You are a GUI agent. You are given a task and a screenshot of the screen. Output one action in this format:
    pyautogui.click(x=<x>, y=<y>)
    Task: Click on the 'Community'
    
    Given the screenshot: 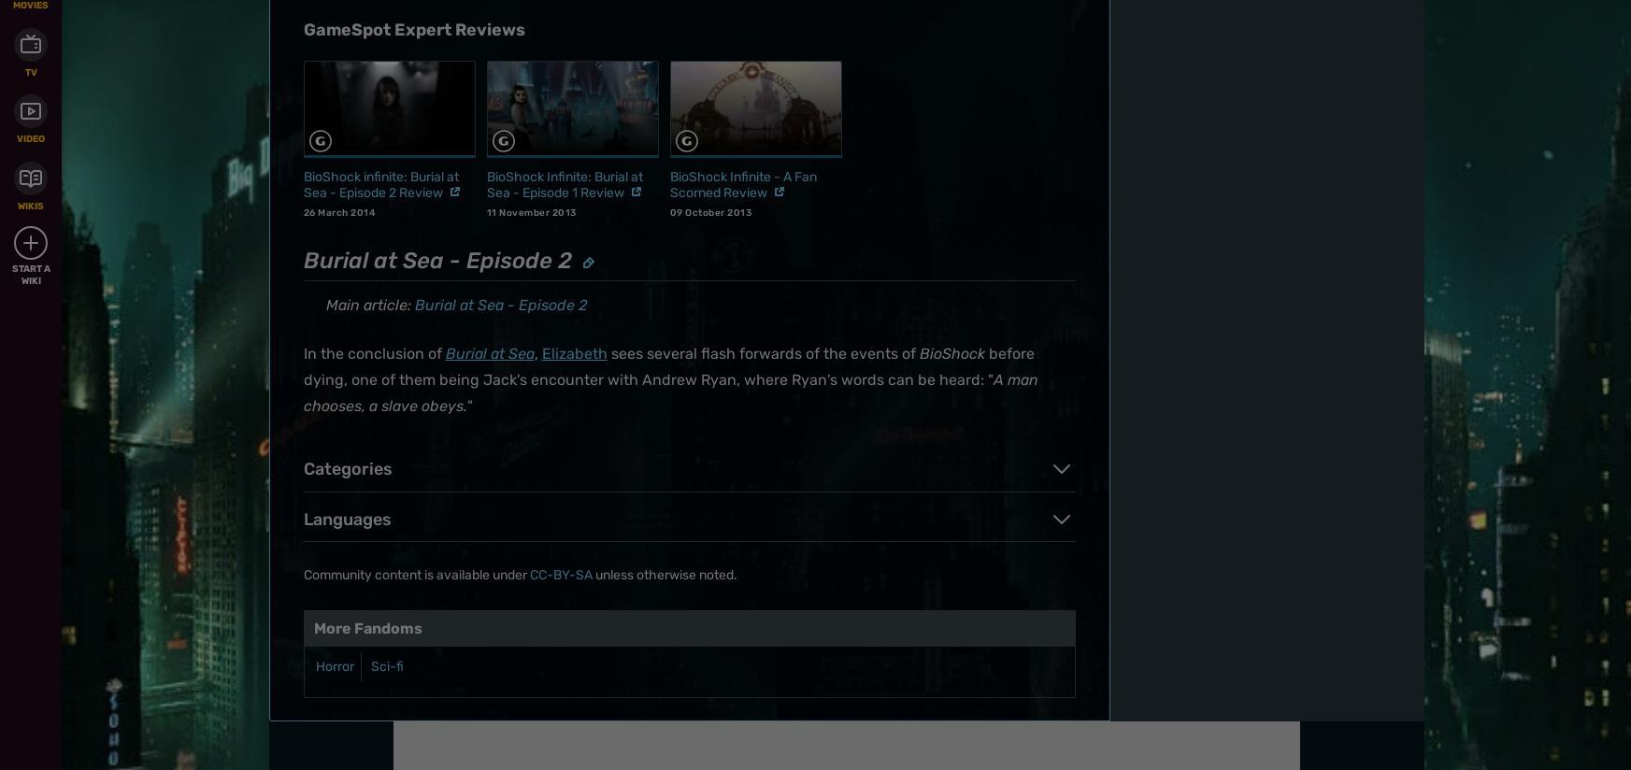 What is the action you would take?
    pyautogui.click(x=890, y=12)
    